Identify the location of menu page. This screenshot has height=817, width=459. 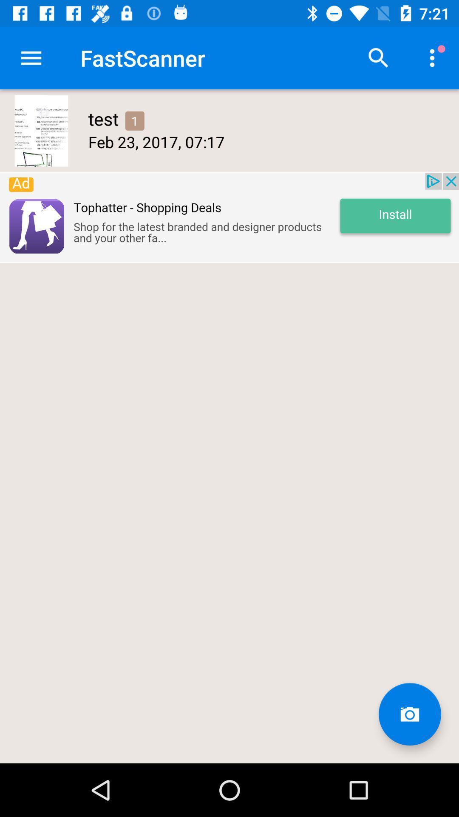
(378, 57).